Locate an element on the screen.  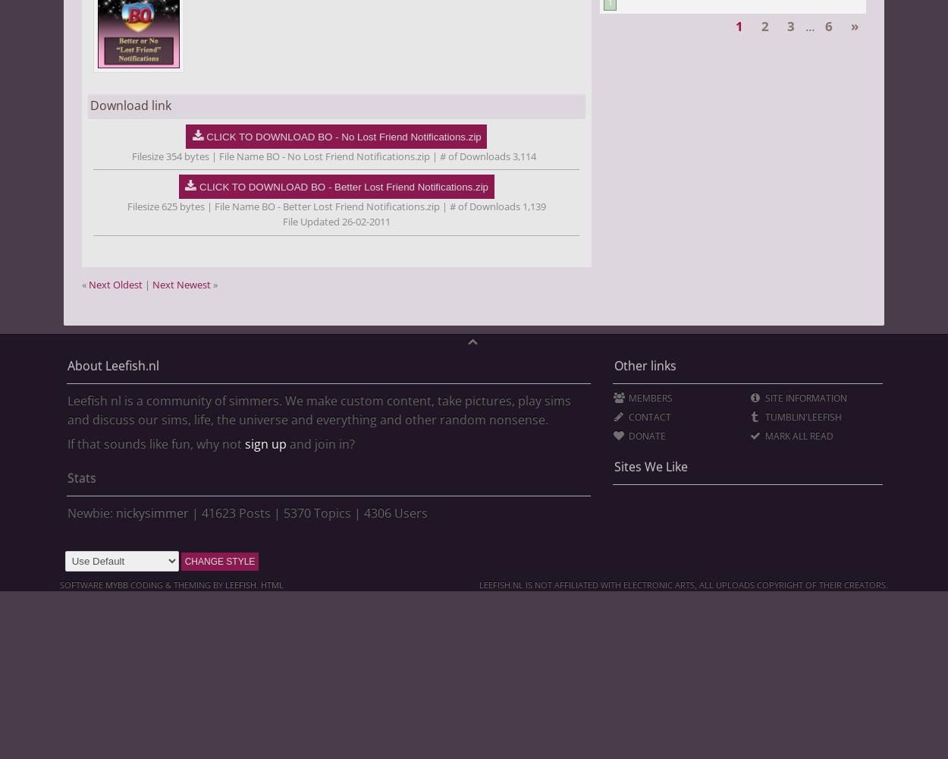
'and join in?' is located at coordinates (320, 443).